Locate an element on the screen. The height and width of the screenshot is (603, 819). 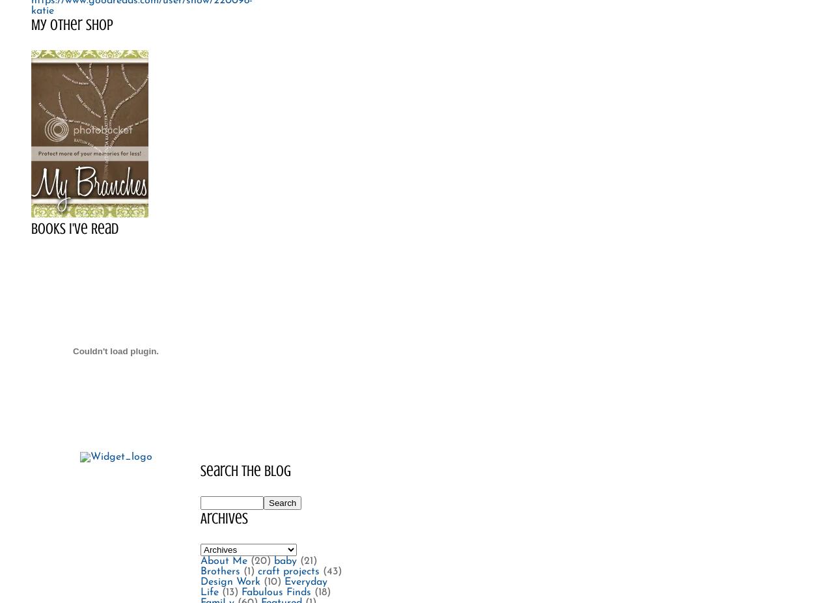
'Books I've Read' is located at coordinates (74, 228).